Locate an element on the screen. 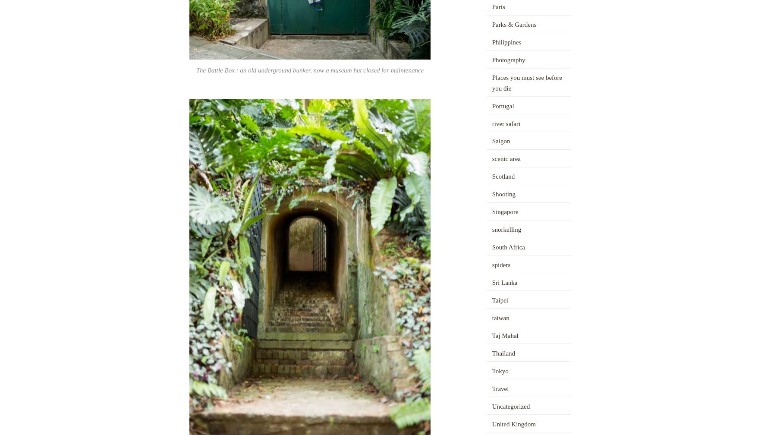 The height and width of the screenshot is (435, 758). 'Portugal' is located at coordinates (502, 106).